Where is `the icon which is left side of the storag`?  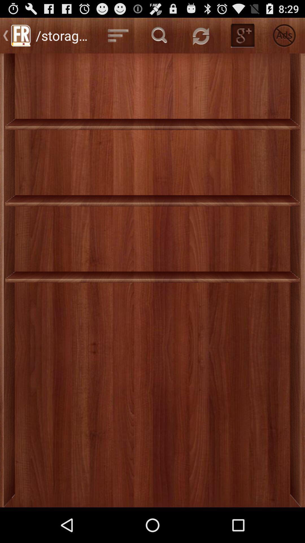
the icon which is left side of the storag is located at coordinates (20, 35).